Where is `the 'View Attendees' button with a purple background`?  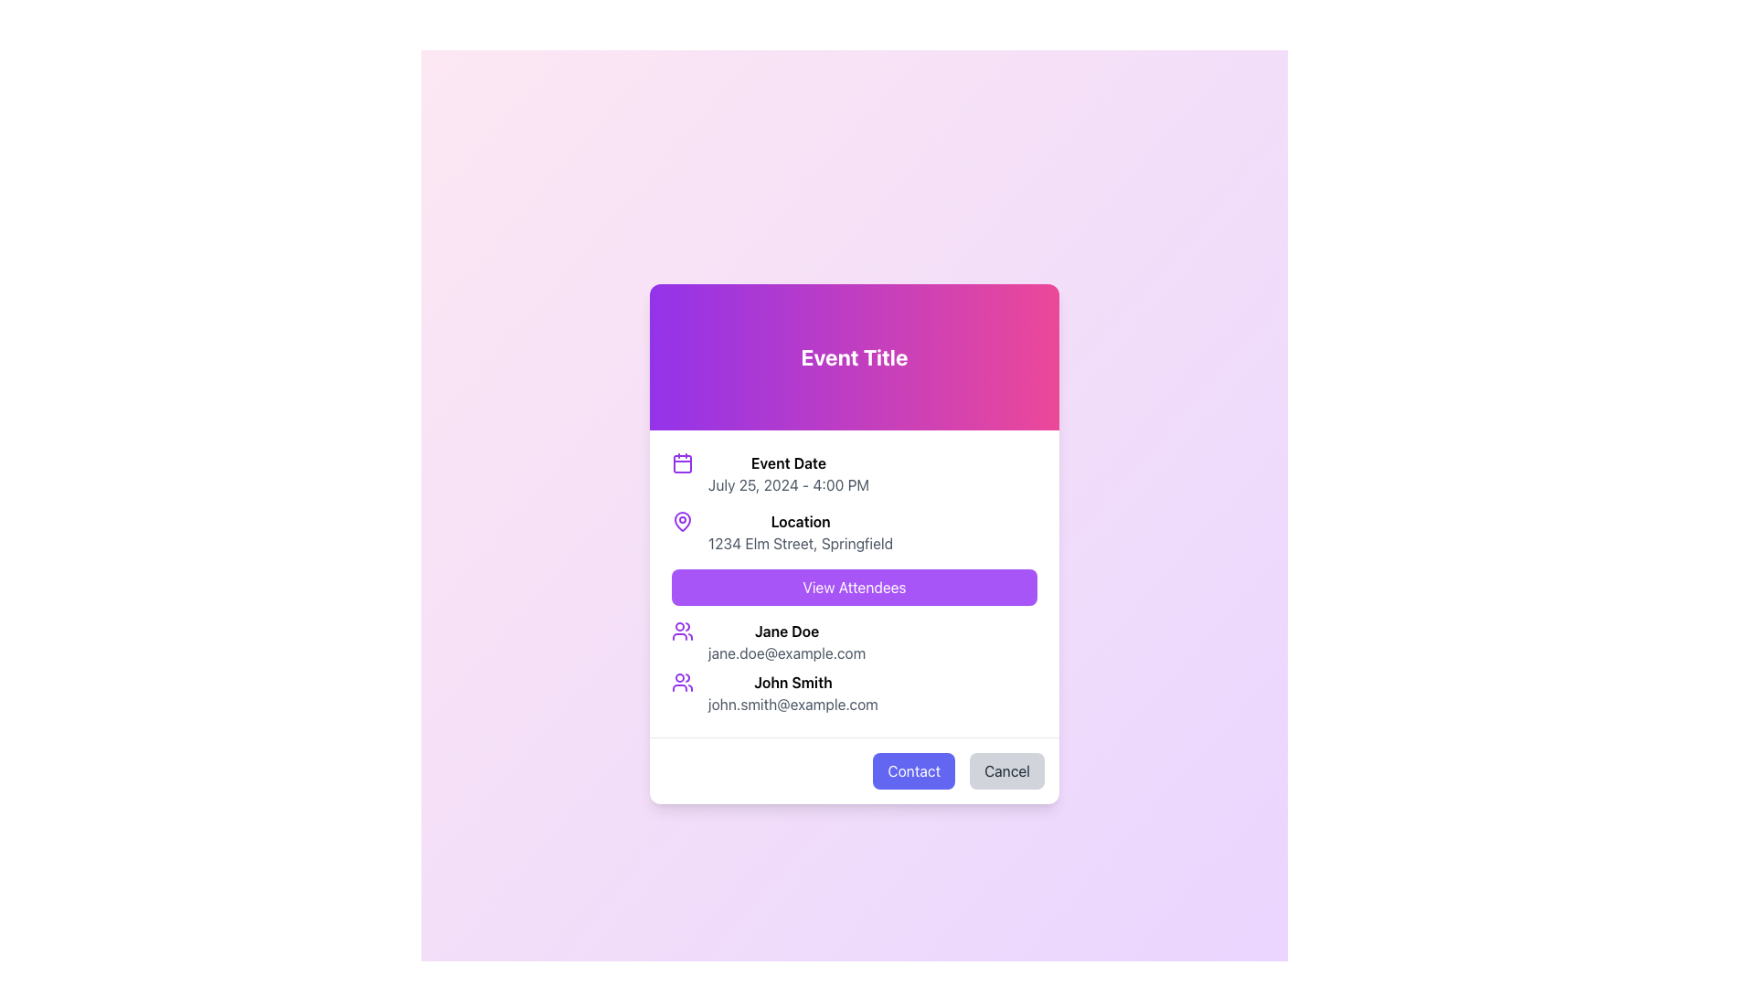
the 'View Attendees' button with a purple background is located at coordinates (854, 587).